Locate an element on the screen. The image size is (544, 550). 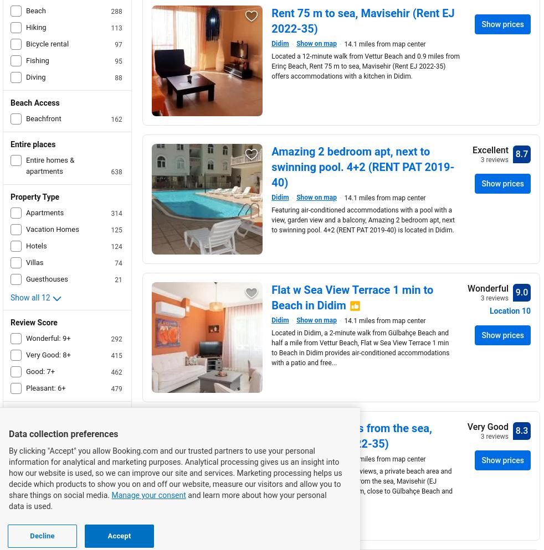
'Pleasant: 6+' is located at coordinates (45, 387).